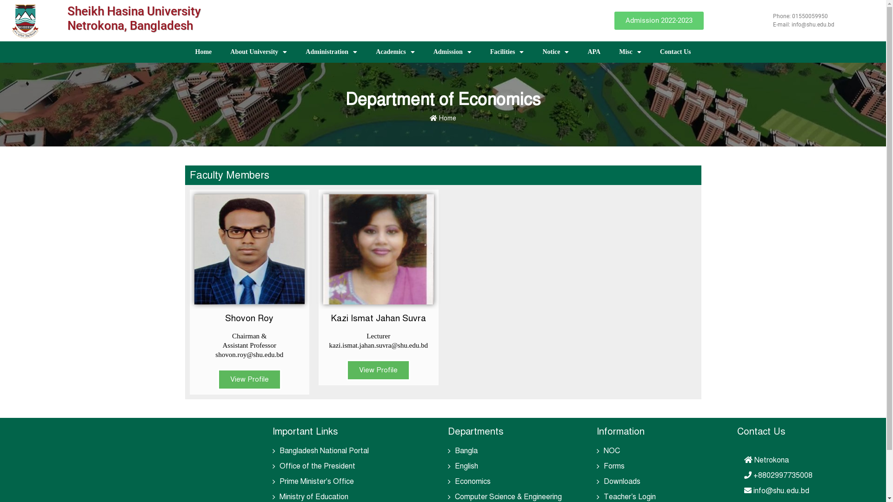  What do you see at coordinates (67, 11) in the screenshot?
I see `'Sheikh Hasina University'` at bounding box center [67, 11].